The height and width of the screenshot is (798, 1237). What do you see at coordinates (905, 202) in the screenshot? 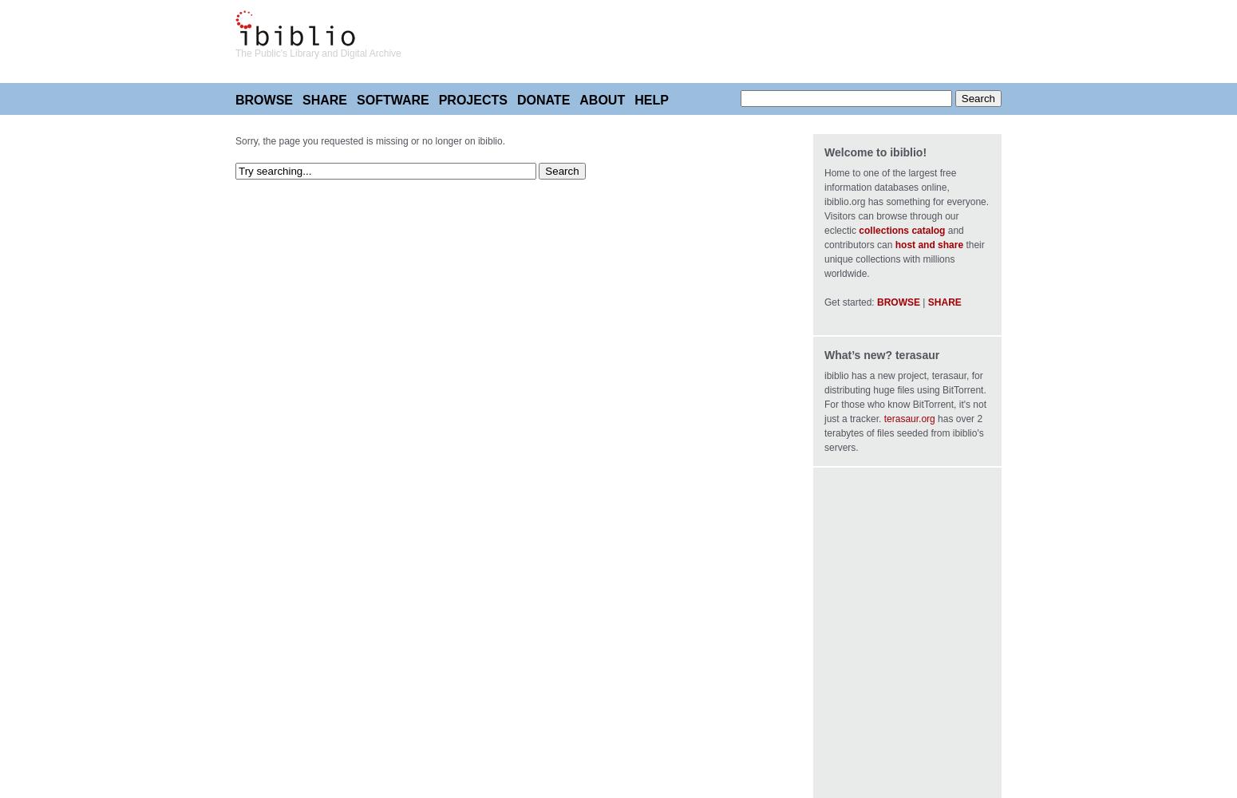
I see `'Home to one of the largest free information databases online, ibiblio.org has something for everyone. Visitors can browse through our eclectic'` at bounding box center [905, 202].